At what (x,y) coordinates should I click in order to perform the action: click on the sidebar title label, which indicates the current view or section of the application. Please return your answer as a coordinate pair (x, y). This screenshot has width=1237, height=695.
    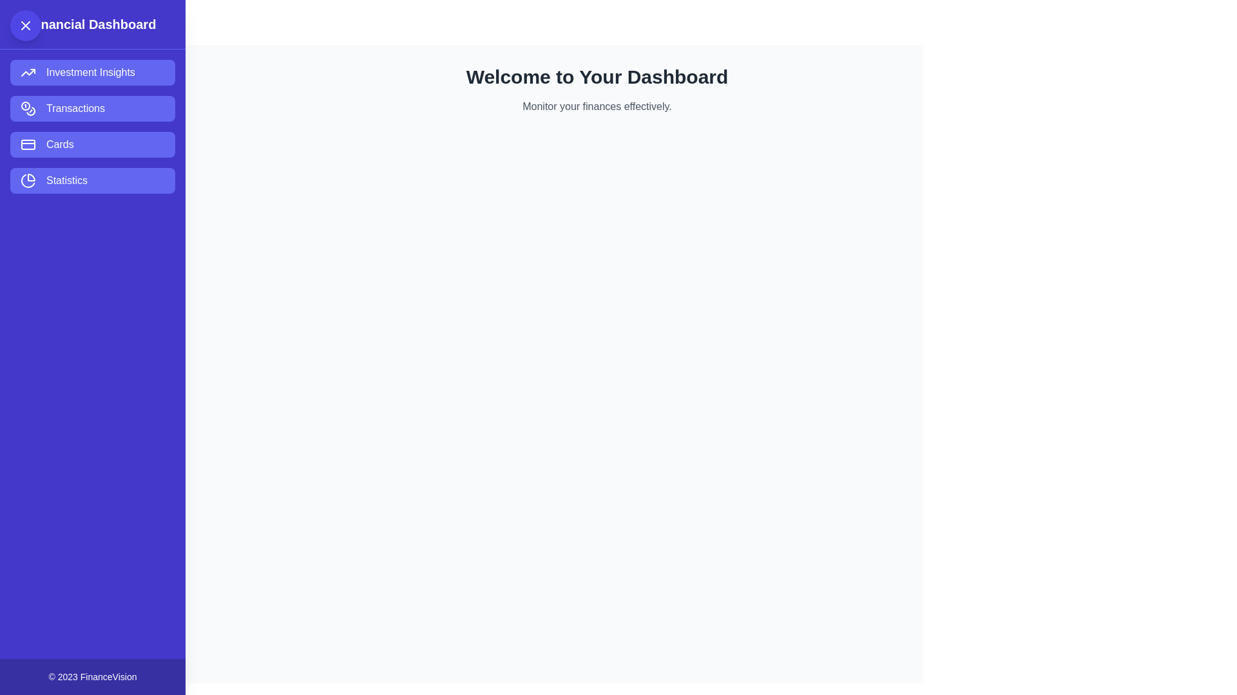
    Looking at the image, I should click on (92, 24).